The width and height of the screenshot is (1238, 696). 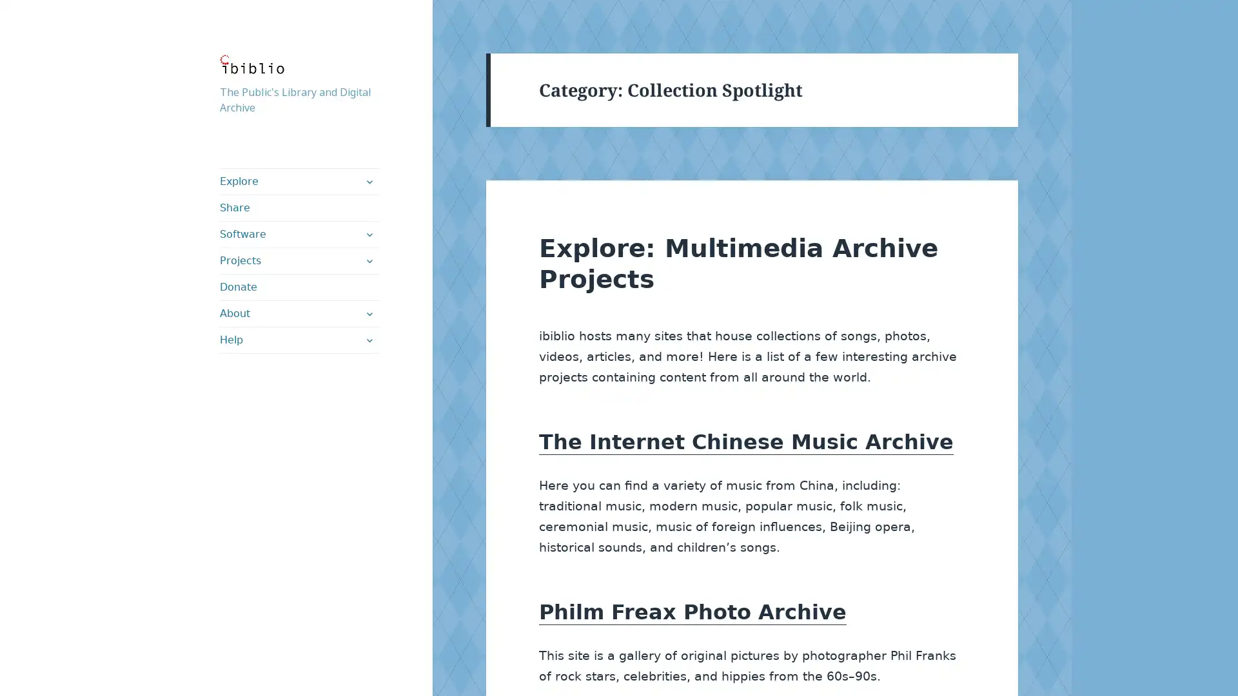 What do you see at coordinates (368, 234) in the screenshot?
I see `expand child menu` at bounding box center [368, 234].